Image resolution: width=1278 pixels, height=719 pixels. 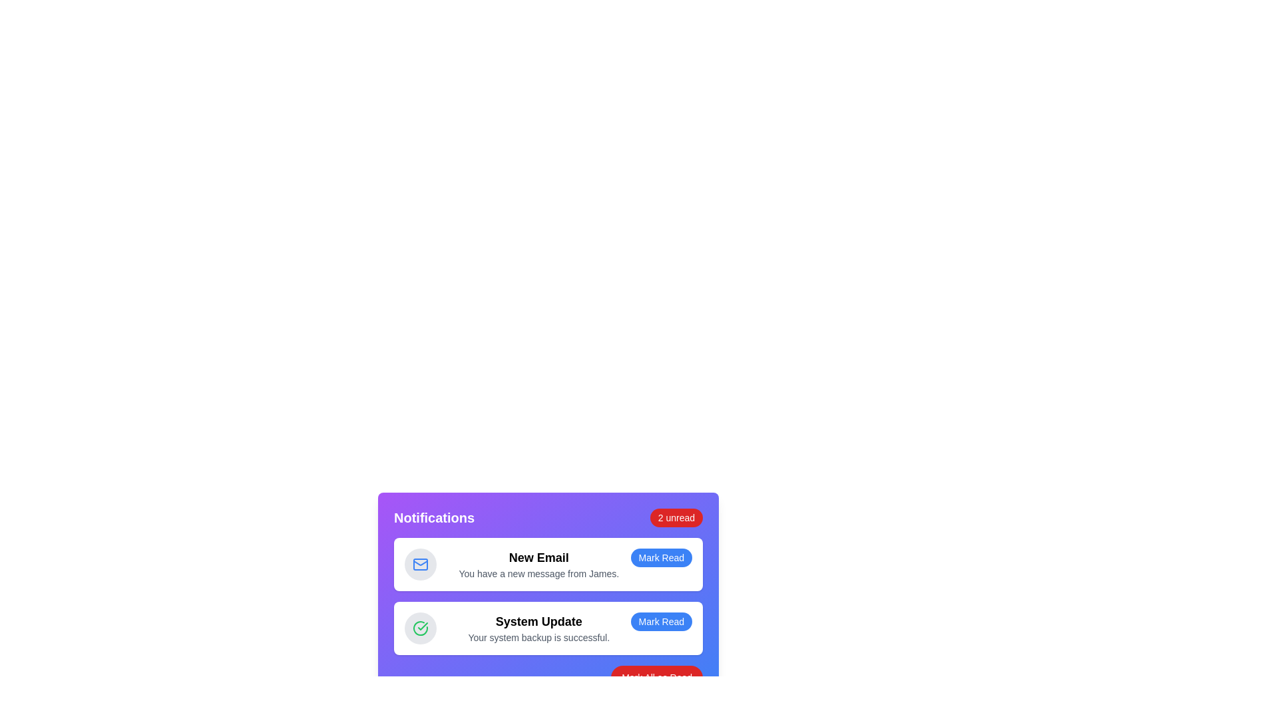 I want to click on the badge indicating unread notifications located in the upper-right corner of the Notifications section, so click(x=676, y=517).